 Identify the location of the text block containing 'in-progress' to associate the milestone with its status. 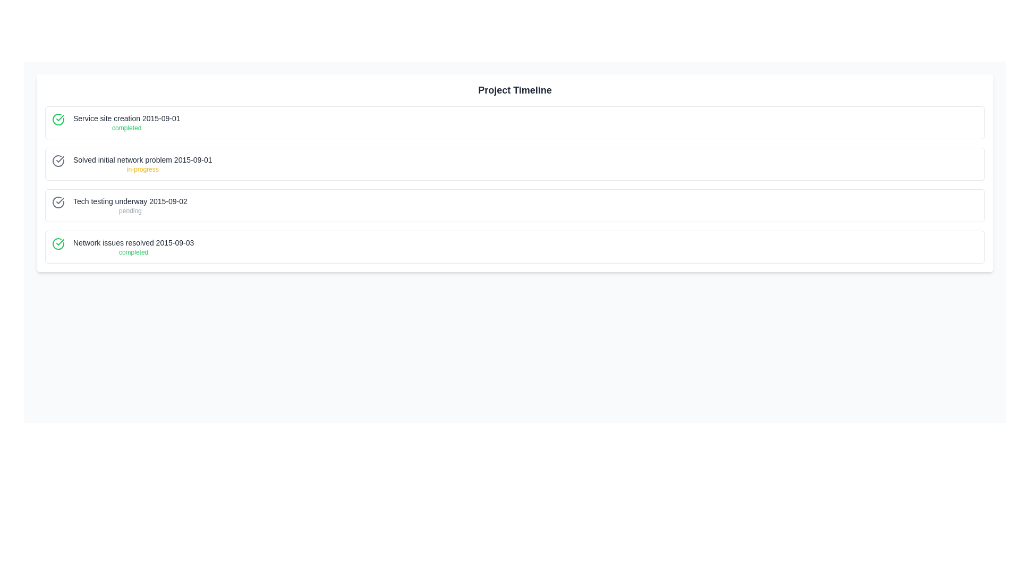
(142, 164).